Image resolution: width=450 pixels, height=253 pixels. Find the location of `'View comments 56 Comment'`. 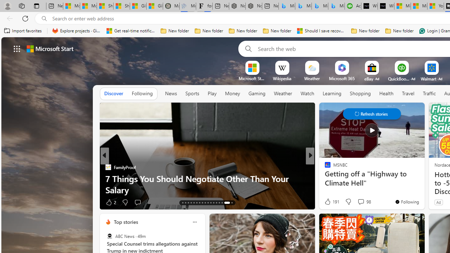

'View comments 56 Comment' is located at coordinates (359, 202).